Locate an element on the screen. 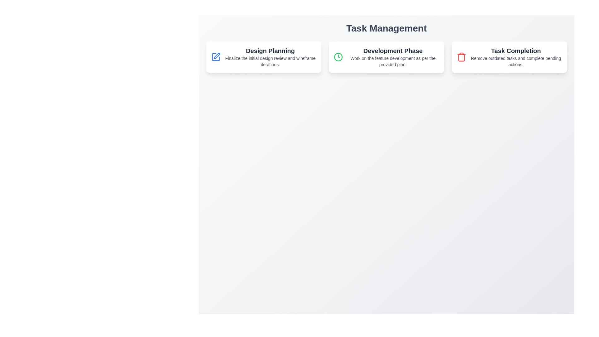  text string 'Work on the feature development as per the provided plan.' located under the header 'Development Phase' in the central panel is located at coordinates (392, 61).